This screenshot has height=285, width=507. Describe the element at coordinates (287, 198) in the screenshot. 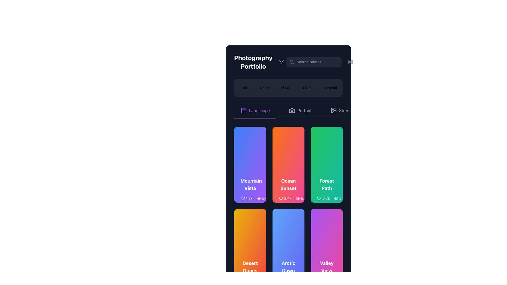

I see `the text label displaying '2.4k', which represents a like or favorite count, located within the 'Ocean Sunset' card` at that location.